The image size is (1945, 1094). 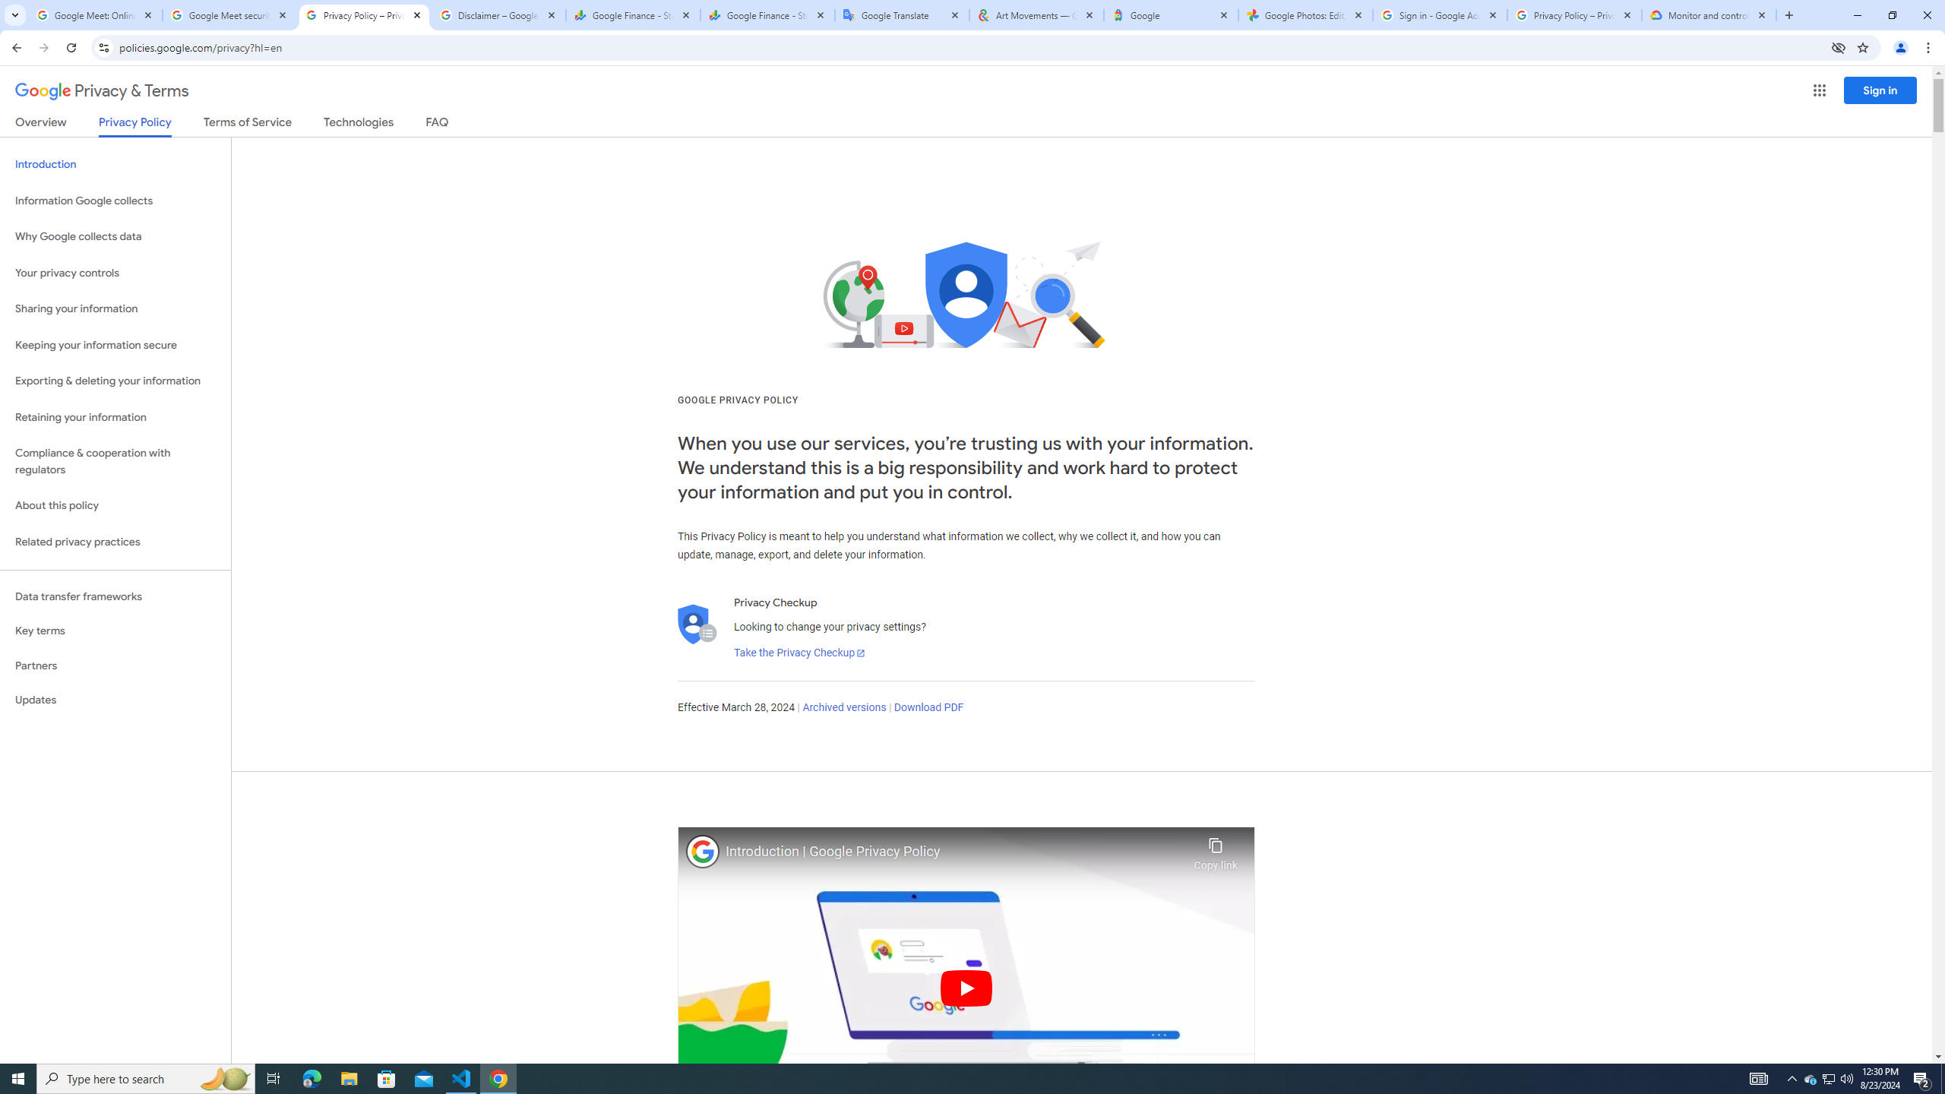 What do you see at coordinates (1440, 14) in the screenshot?
I see `'Sign in - Google Accounts'` at bounding box center [1440, 14].